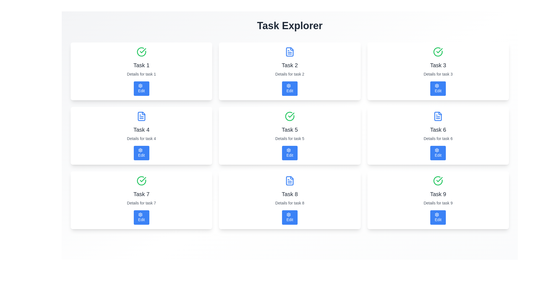  I want to click on the title text element that provides an overview of the task, located in the middle column of the second row, positioned above 'Details for task 4' and below a file icon, so click(141, 129).